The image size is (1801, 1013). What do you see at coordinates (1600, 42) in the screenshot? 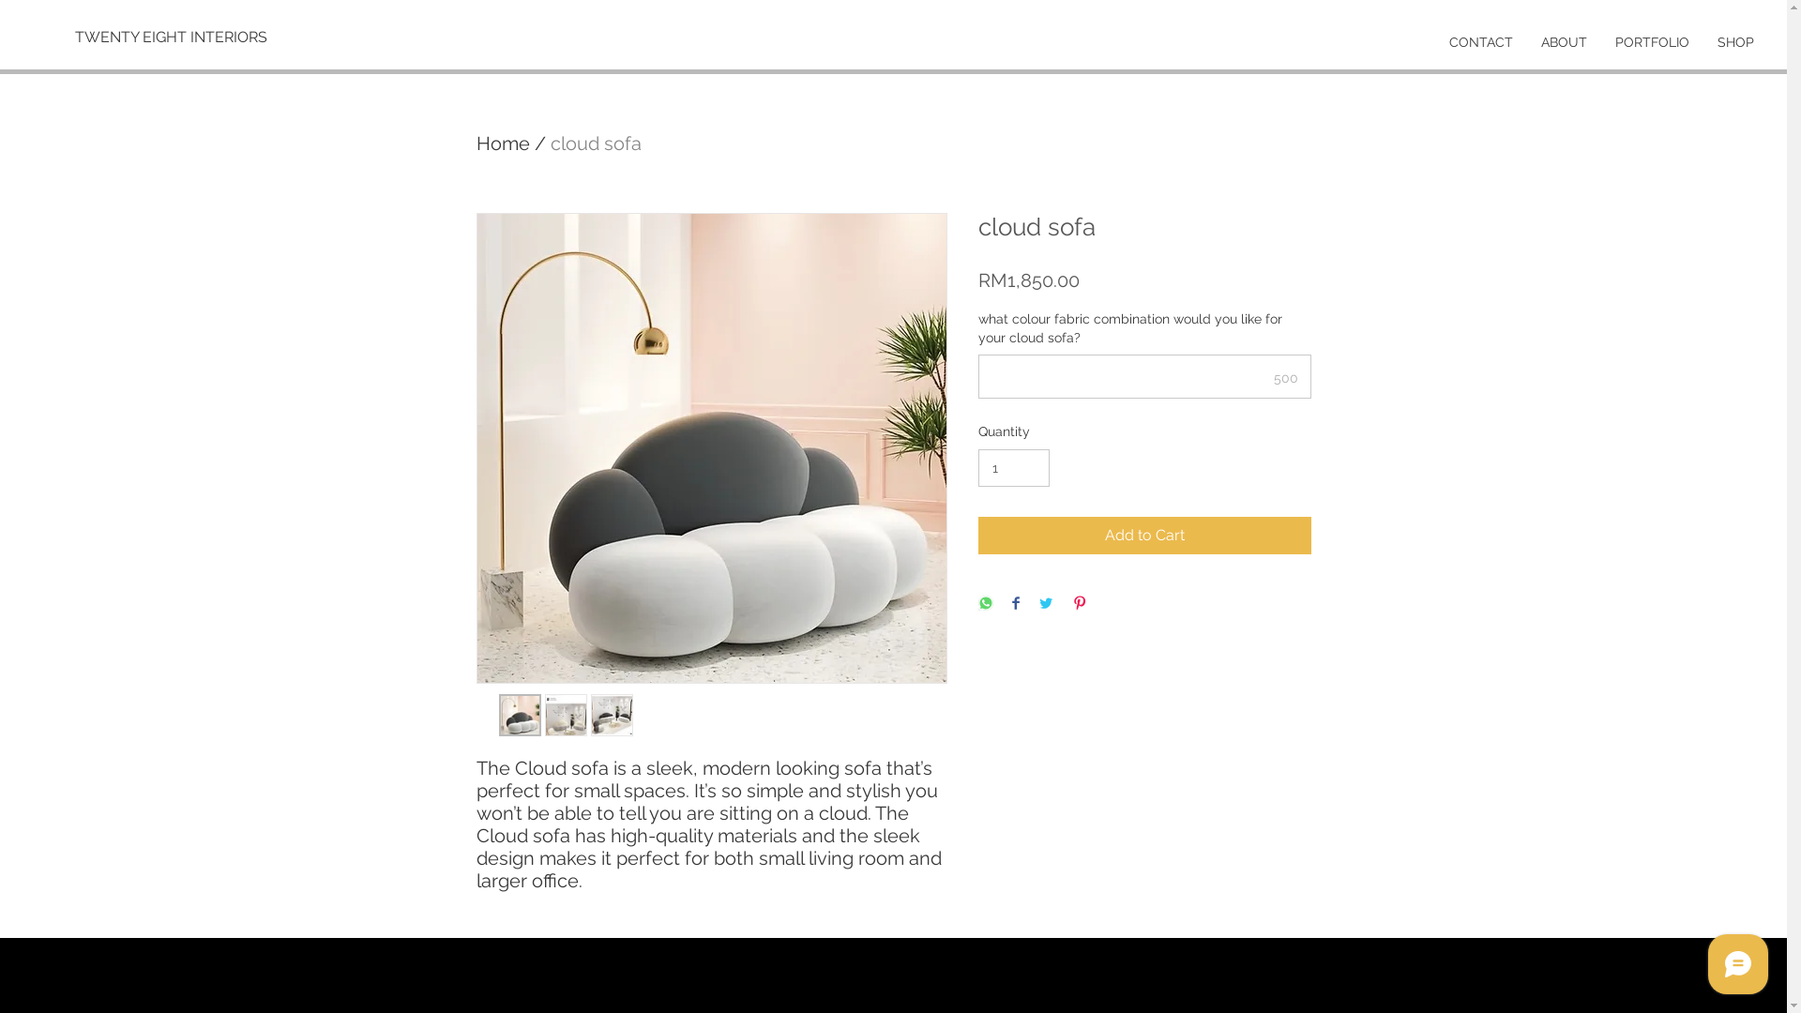
I see `'PORTFOLIO'` at bounding box center [1600, 42].